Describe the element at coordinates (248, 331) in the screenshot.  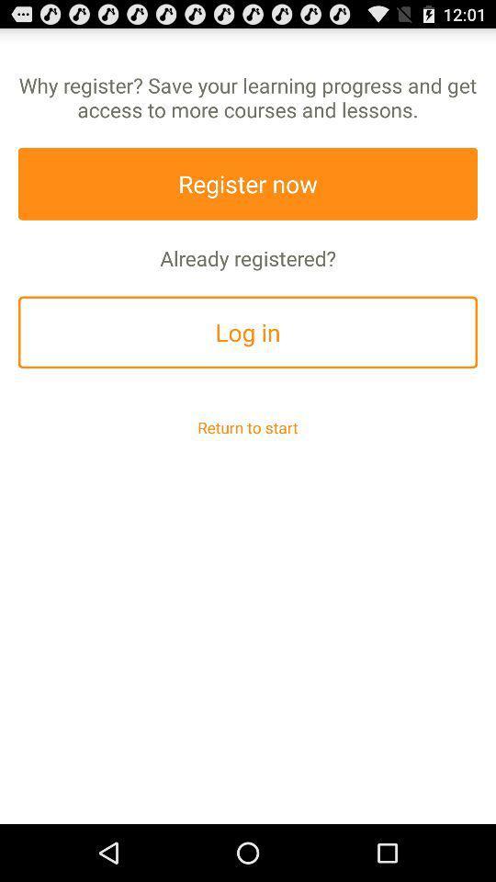
I see `the item above the return to start app` at that location.